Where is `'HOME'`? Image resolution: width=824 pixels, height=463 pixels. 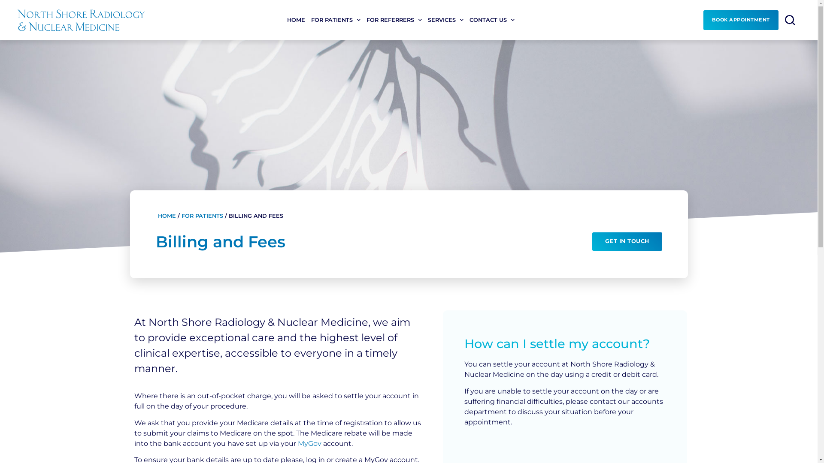 'HOME' is located at coordinates (296, 19).